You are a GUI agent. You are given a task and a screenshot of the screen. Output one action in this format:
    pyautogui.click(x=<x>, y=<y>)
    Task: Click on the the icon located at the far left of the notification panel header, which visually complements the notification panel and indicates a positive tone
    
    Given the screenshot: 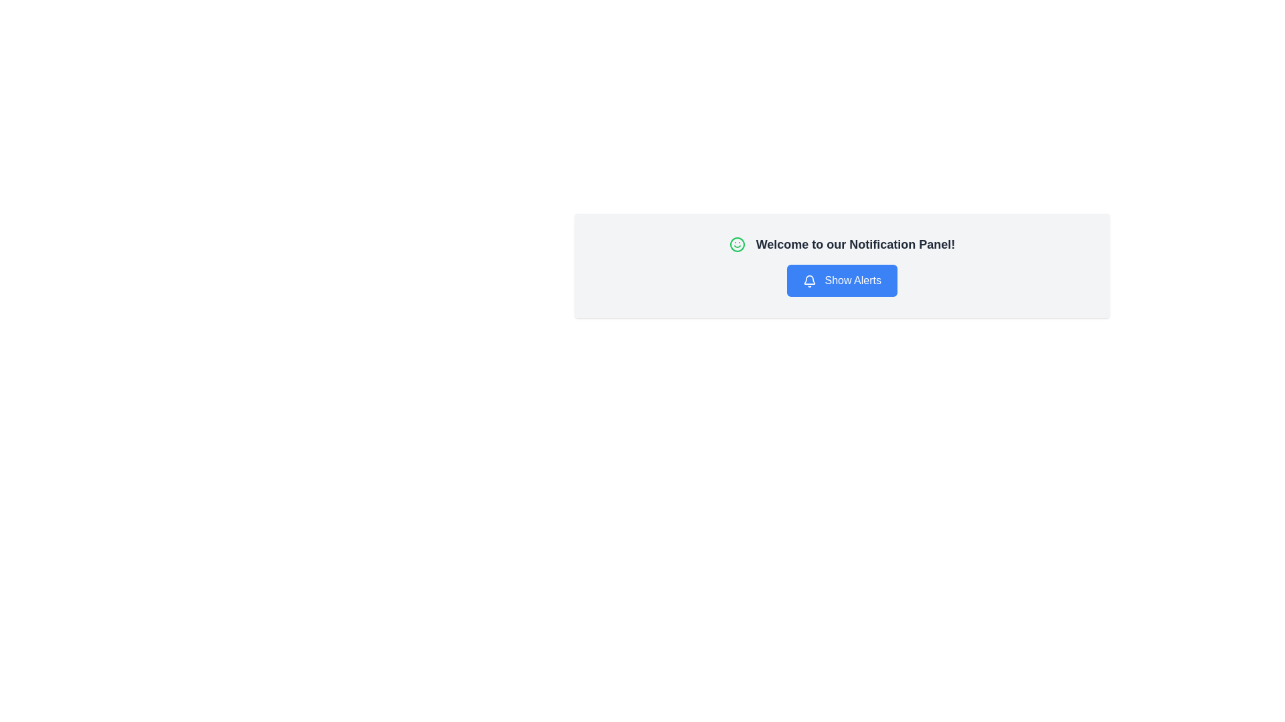 What is the action you would take?
    pyautogui.click(x=736, y=245)
    